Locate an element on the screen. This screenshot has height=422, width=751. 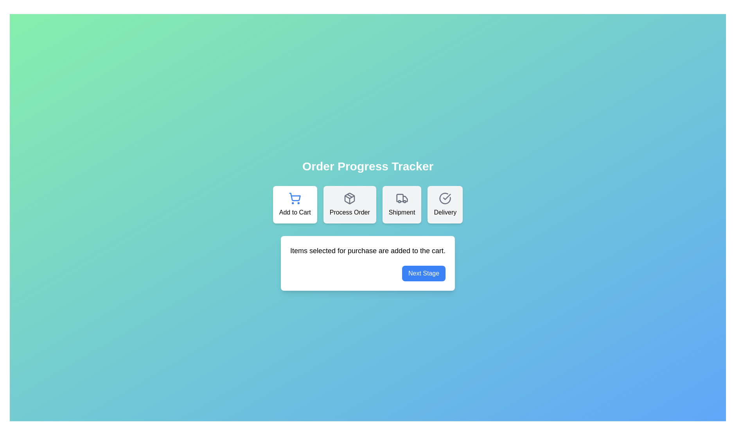
the stage icon representing Shipment to select it is located at coordinates (402, 204).